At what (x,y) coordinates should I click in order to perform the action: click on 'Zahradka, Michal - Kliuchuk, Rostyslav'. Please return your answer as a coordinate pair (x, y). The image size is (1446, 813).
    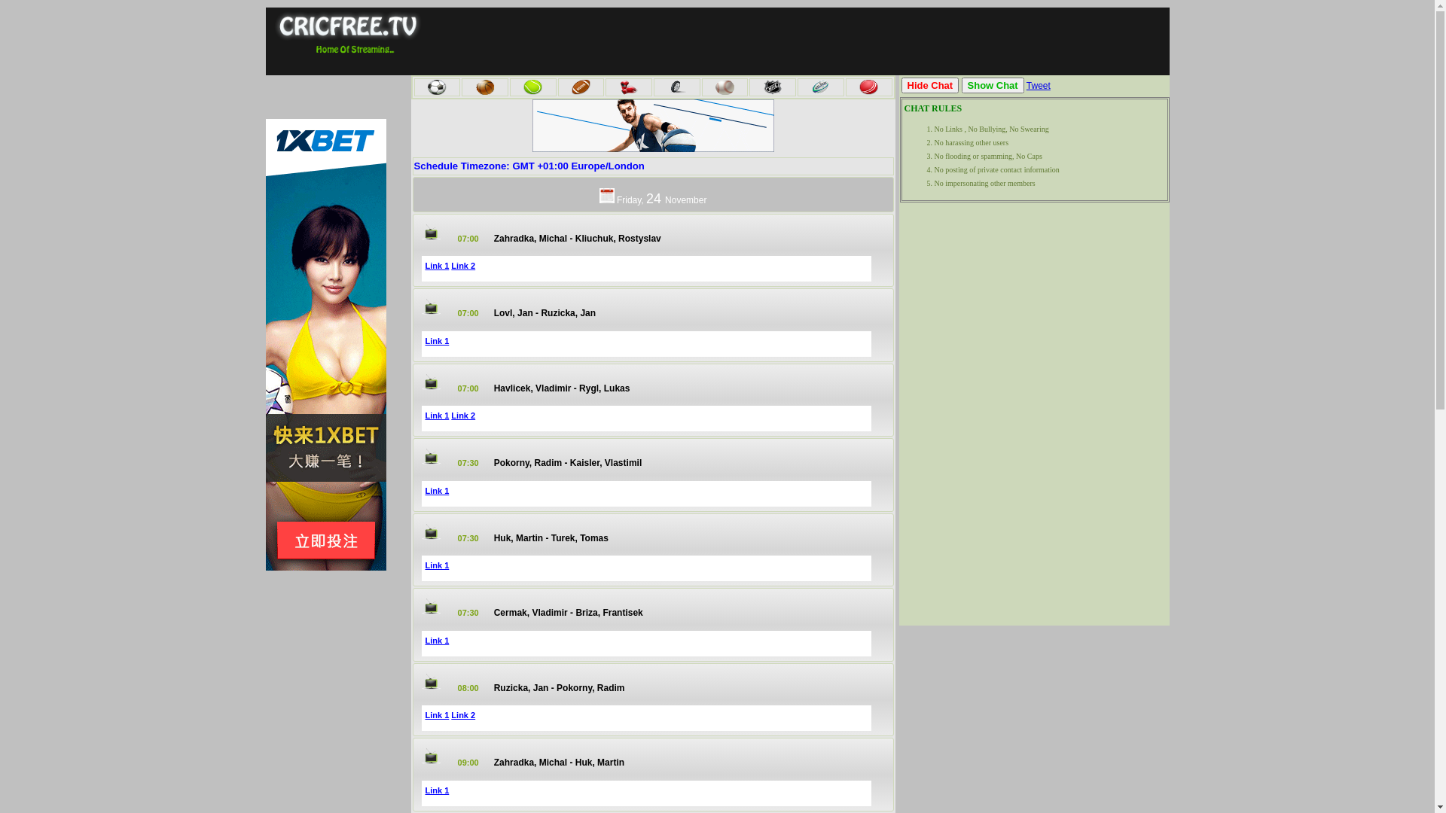
    Looking at the image, I should click on (577, 237).